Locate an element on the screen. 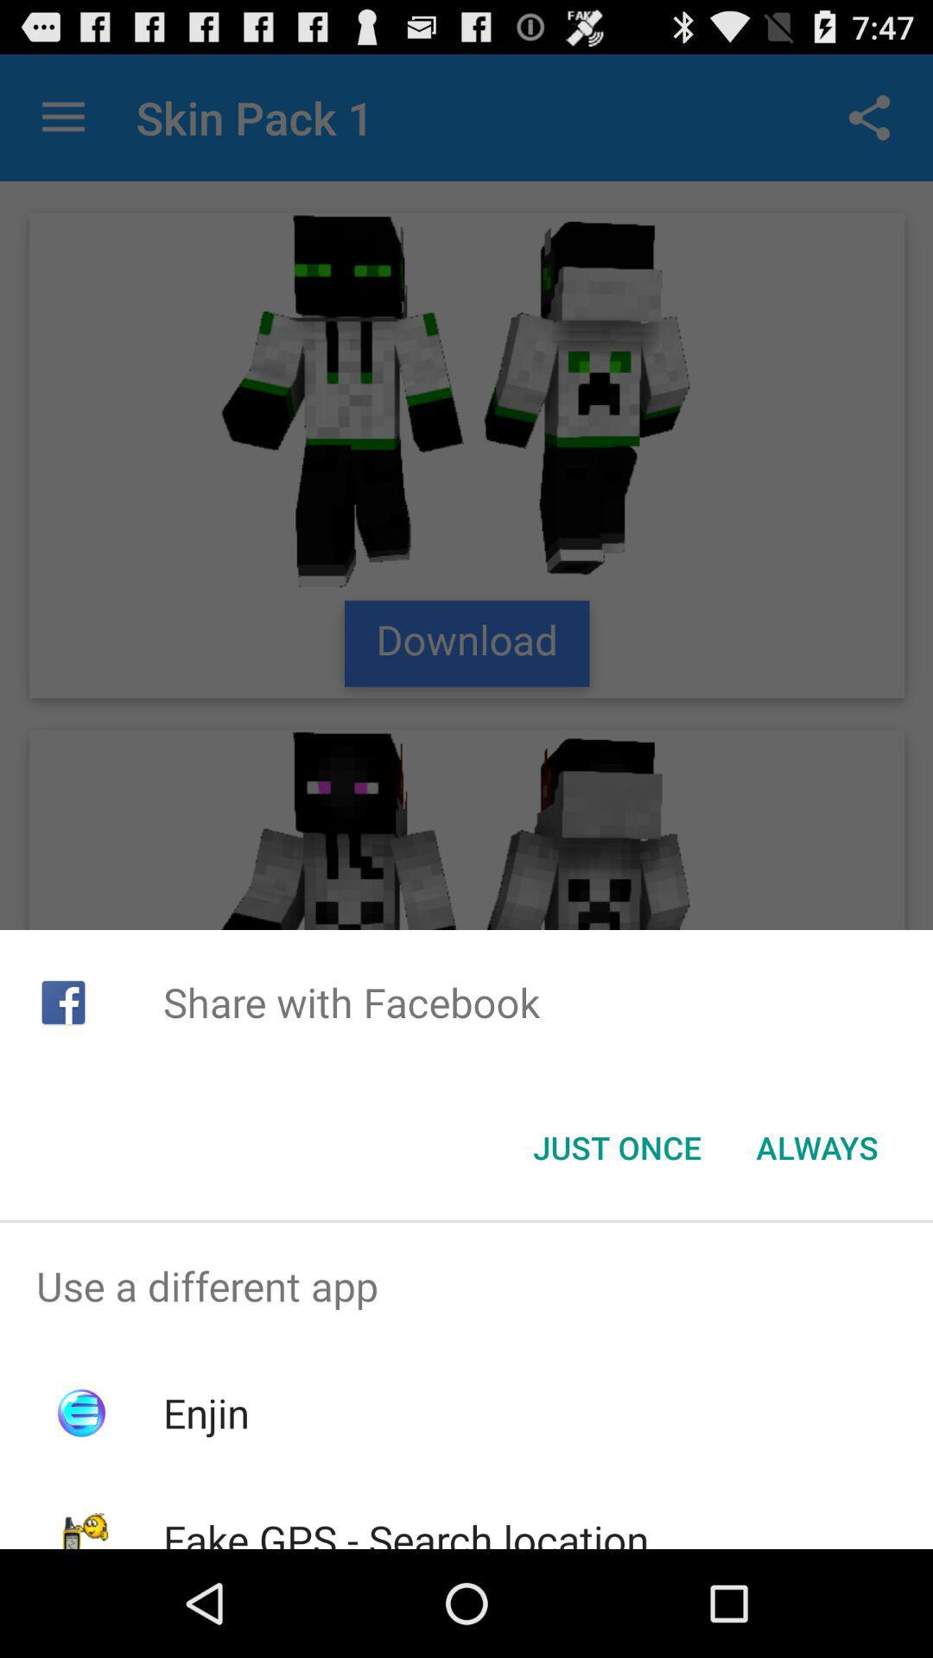 This screenshot has width=933, height=1658. item above enjin icon is located at coordinates (466, 1286).